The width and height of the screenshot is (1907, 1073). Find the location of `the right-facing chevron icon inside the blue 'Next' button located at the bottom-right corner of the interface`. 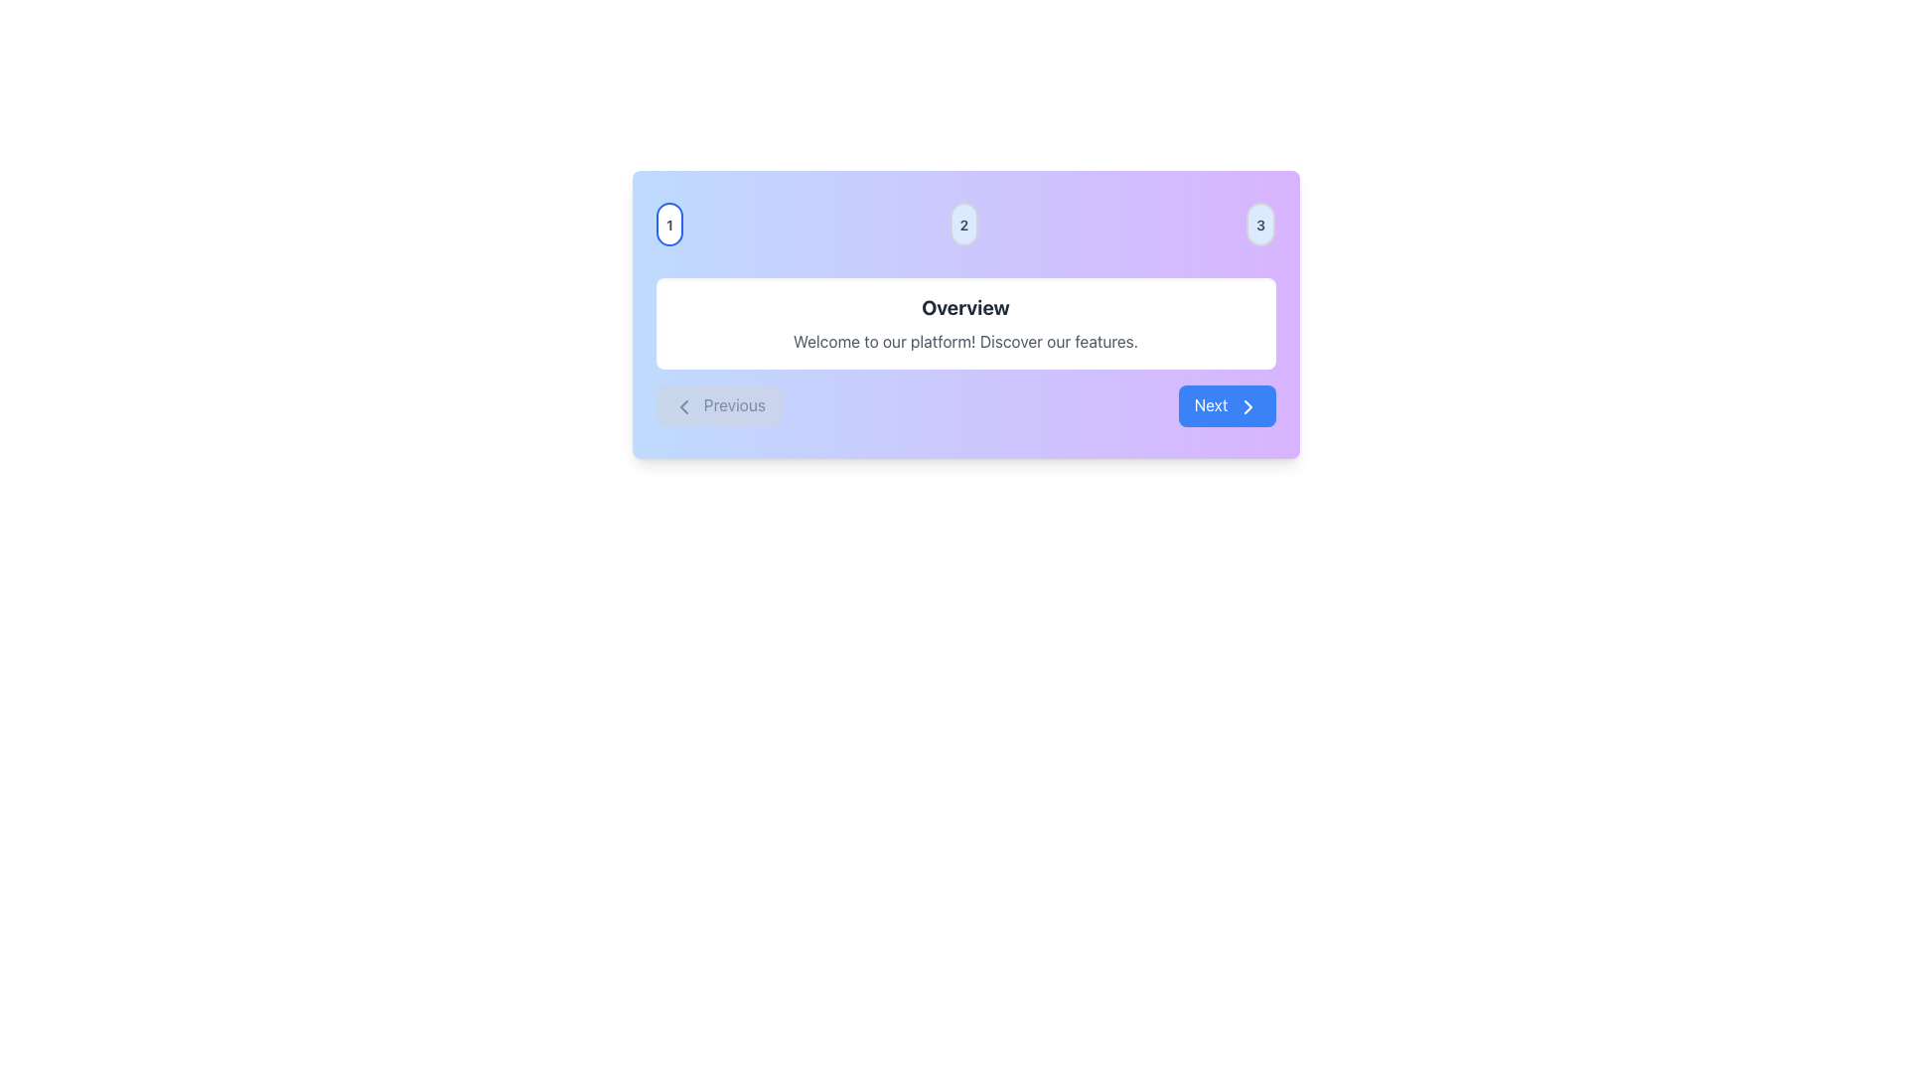

the right-facing chevron icon inside the blue 'Next' button located at the bottom-right corner of the interface is located at coordinates (1247, 405).